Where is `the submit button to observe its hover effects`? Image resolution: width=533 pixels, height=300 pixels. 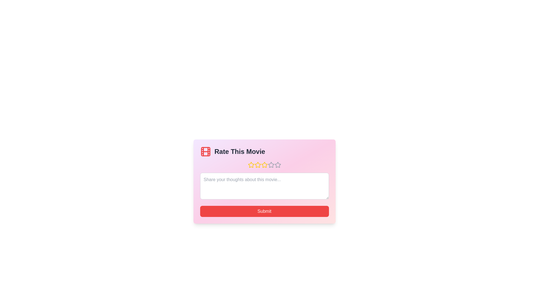
the submit button to observe its hover effects is located at coordinates (264, 211).